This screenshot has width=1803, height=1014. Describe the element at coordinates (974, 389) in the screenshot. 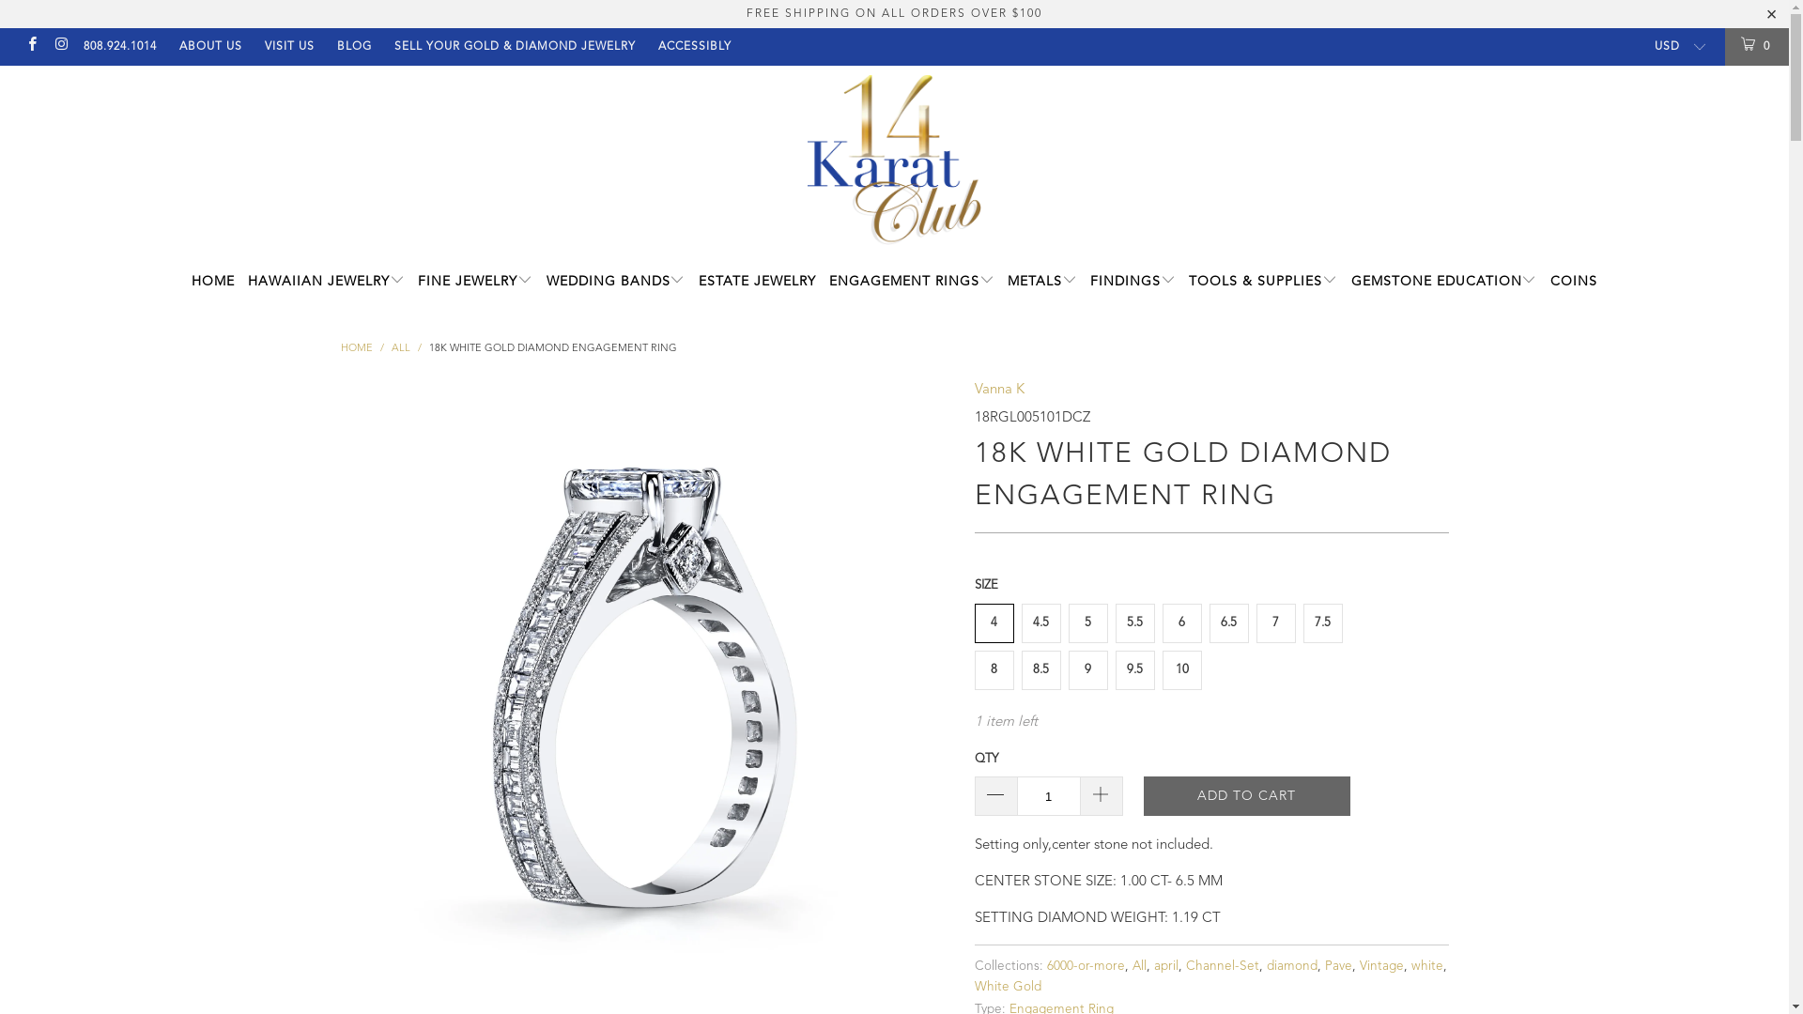

I see `'Vanna K'` at that location.